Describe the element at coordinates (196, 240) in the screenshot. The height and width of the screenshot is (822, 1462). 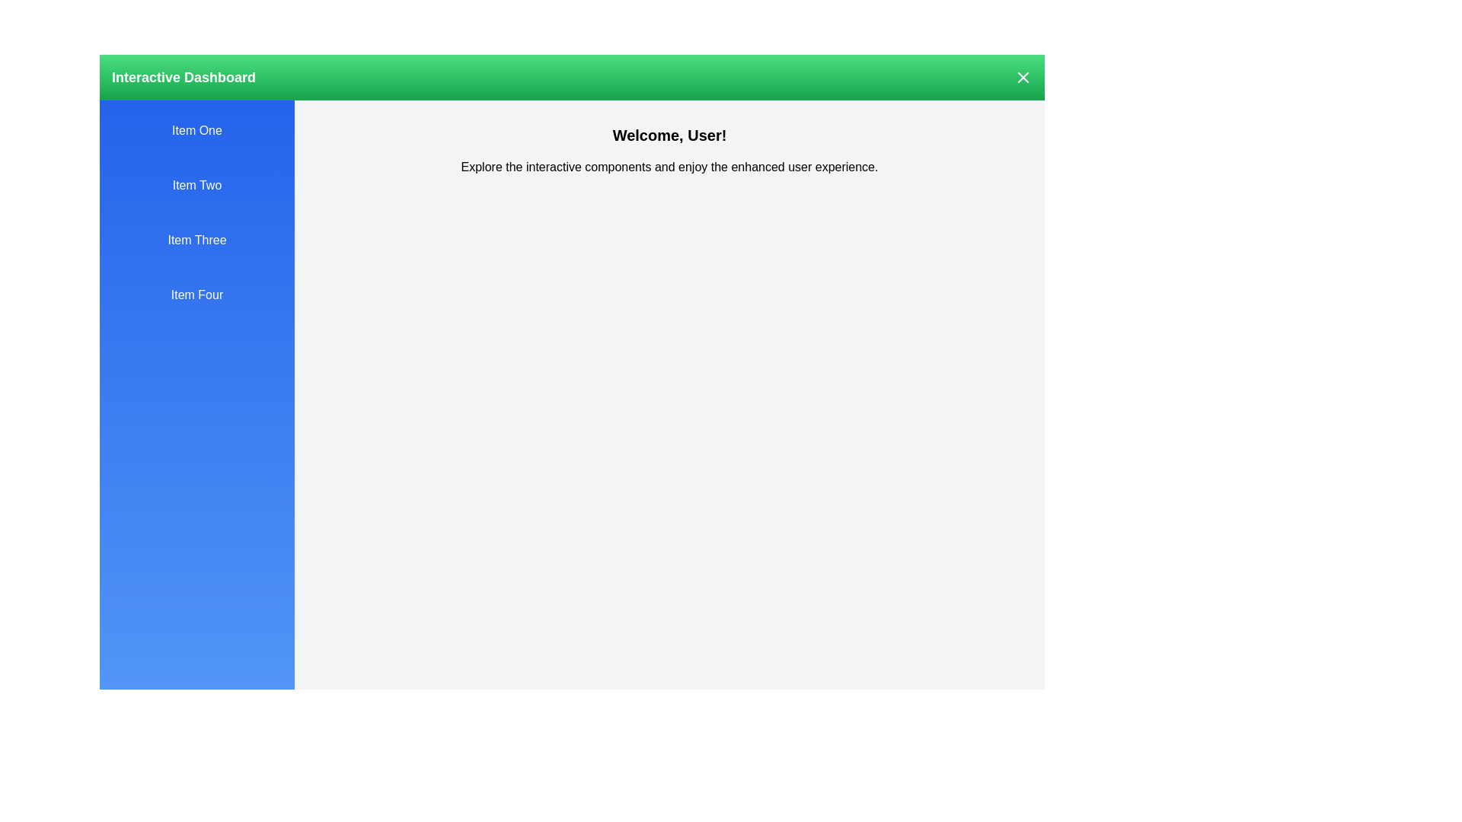
I see `the drawer item labeled Item Three` at that location.